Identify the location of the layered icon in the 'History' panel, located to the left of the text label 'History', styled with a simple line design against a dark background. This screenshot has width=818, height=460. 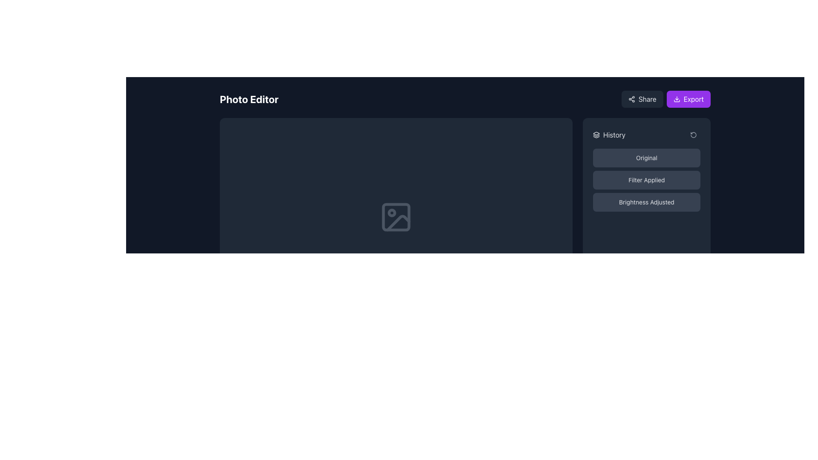
(596, 134).